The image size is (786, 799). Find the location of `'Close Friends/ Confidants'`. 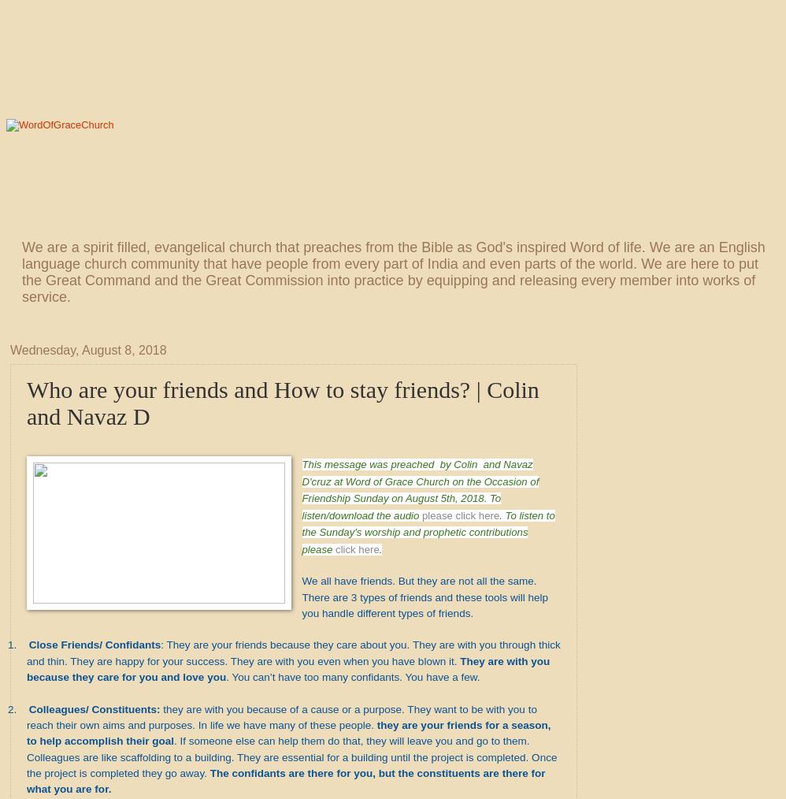

'Close Friends/ Confidants' is located at coordinates (94, 645).